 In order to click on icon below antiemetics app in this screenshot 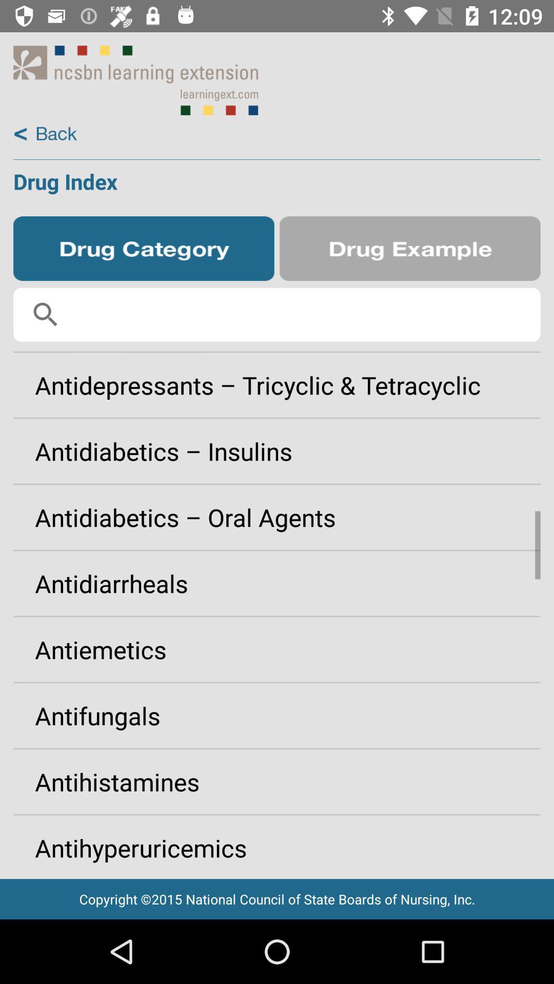, I will do `click(277, 715)`.